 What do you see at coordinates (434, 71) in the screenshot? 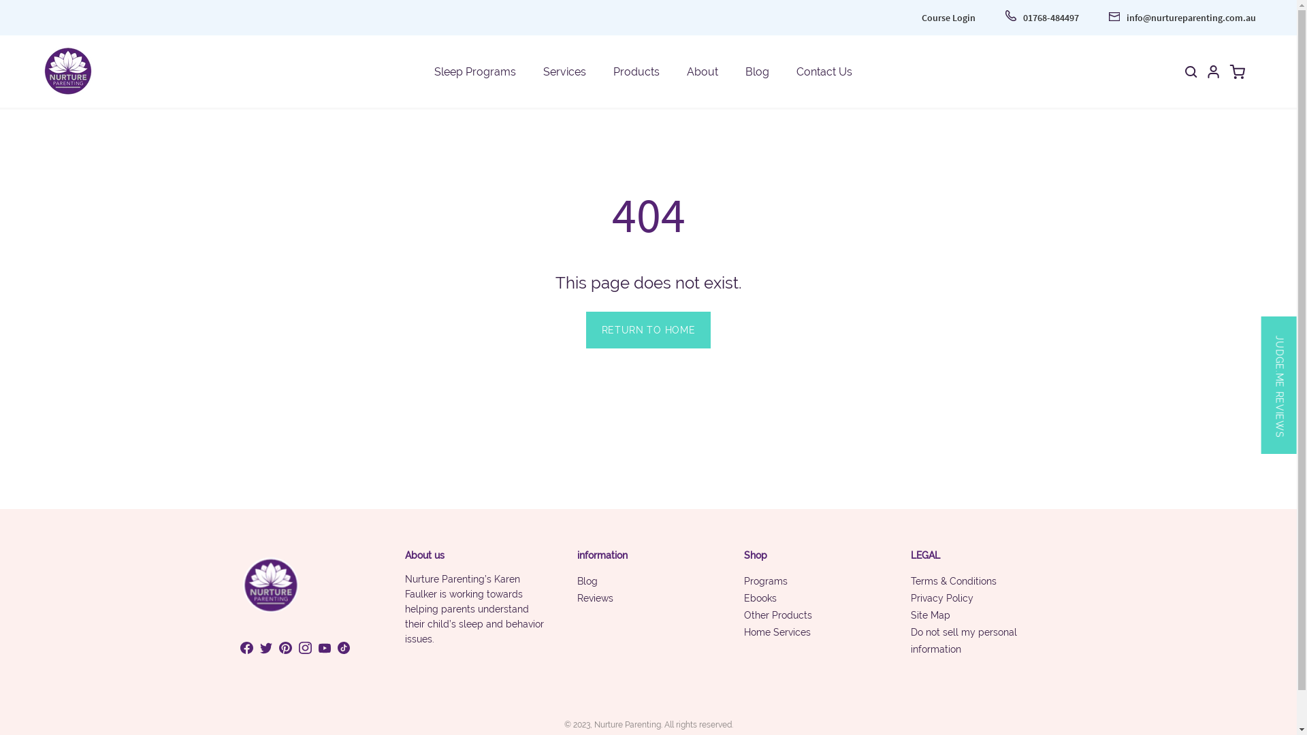
I see `'Sleep Programs'` at bounding box center [434, 71].